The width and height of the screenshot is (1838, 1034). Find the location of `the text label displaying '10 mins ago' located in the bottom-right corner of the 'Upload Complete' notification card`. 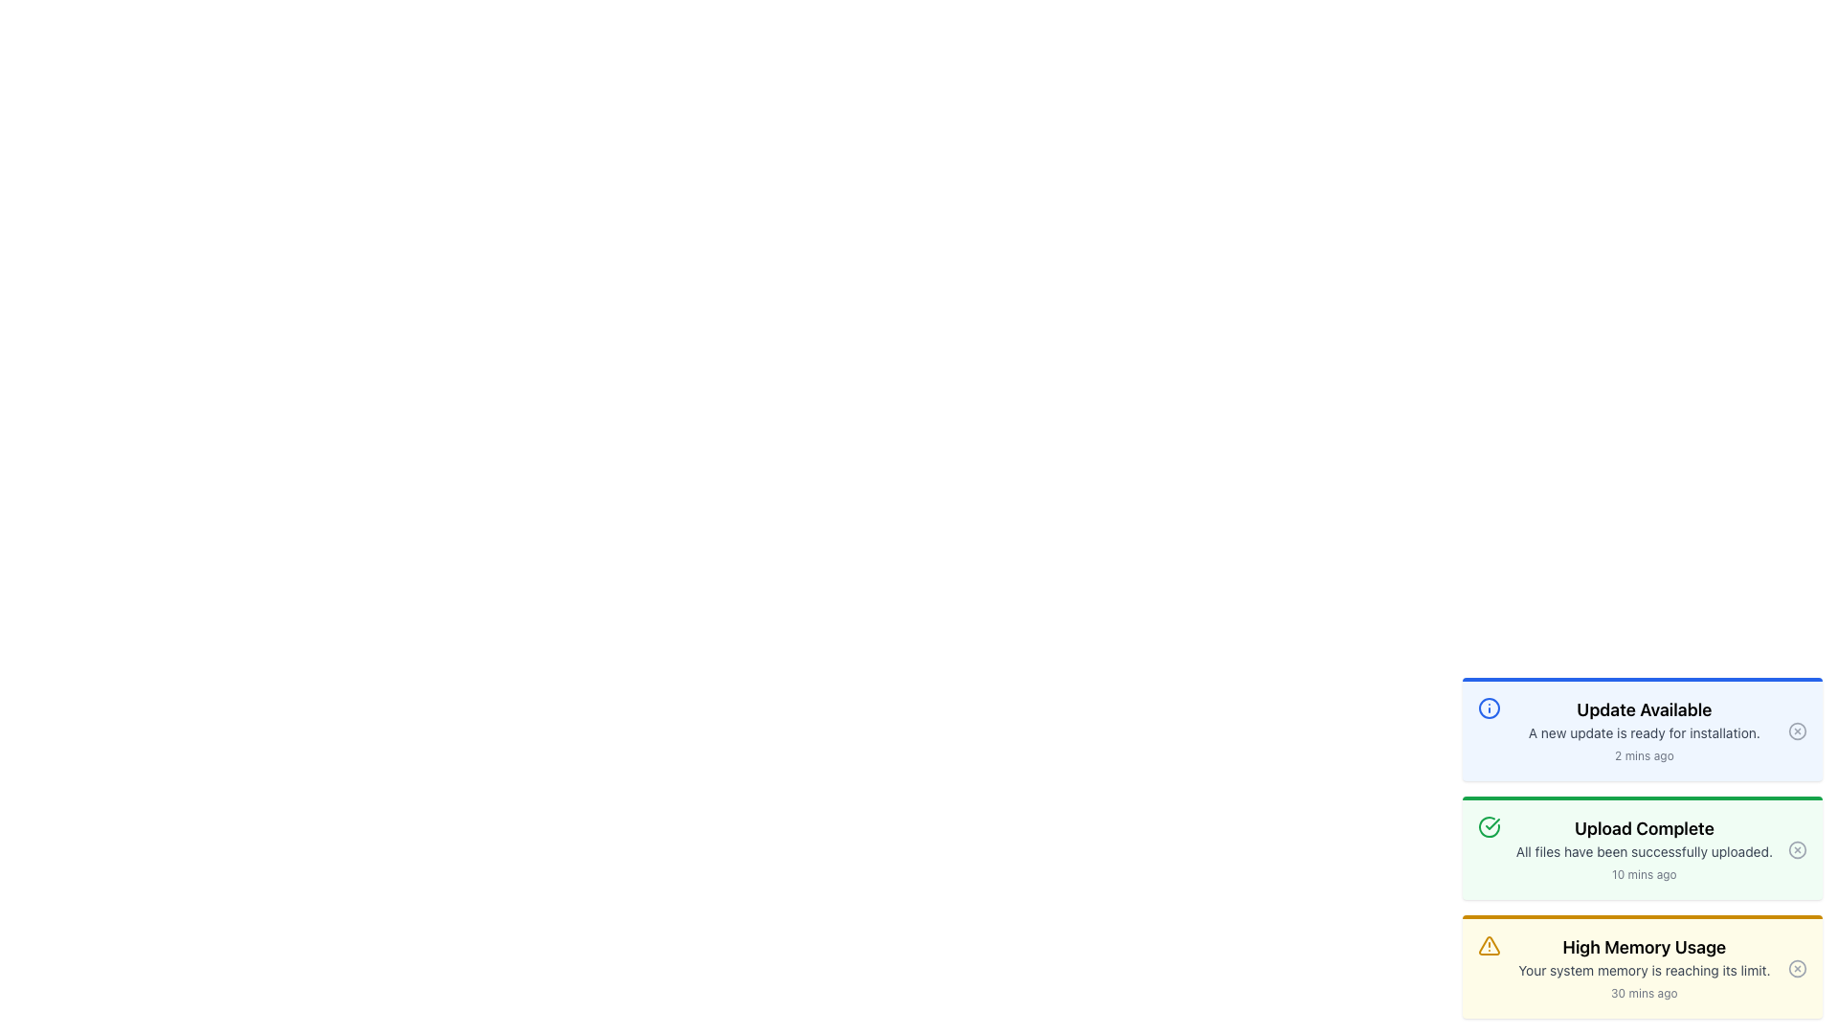

the text label displaying '10 mins ago' located in the bottom-right corner of the 'Upload Complete' notification card is located at coordinates (1643, 874).